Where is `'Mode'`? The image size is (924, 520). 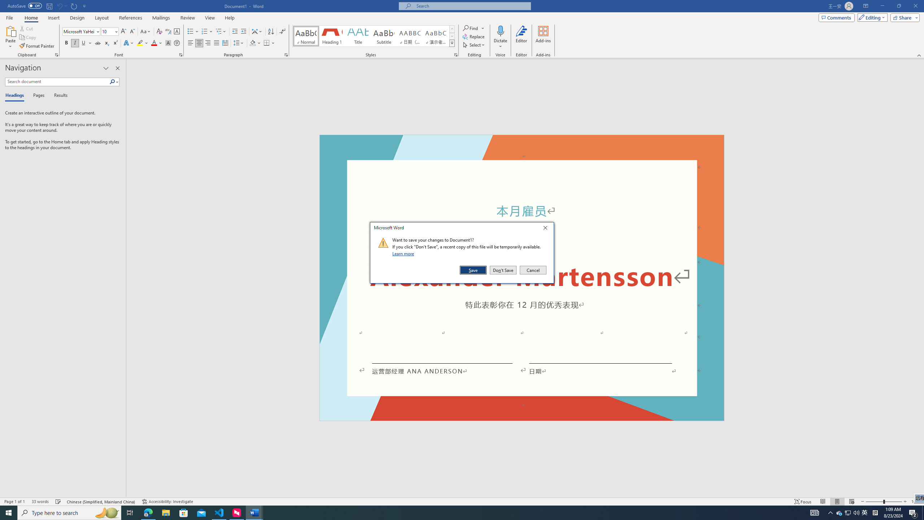 'Mode' is located at coordinates (871, 17).